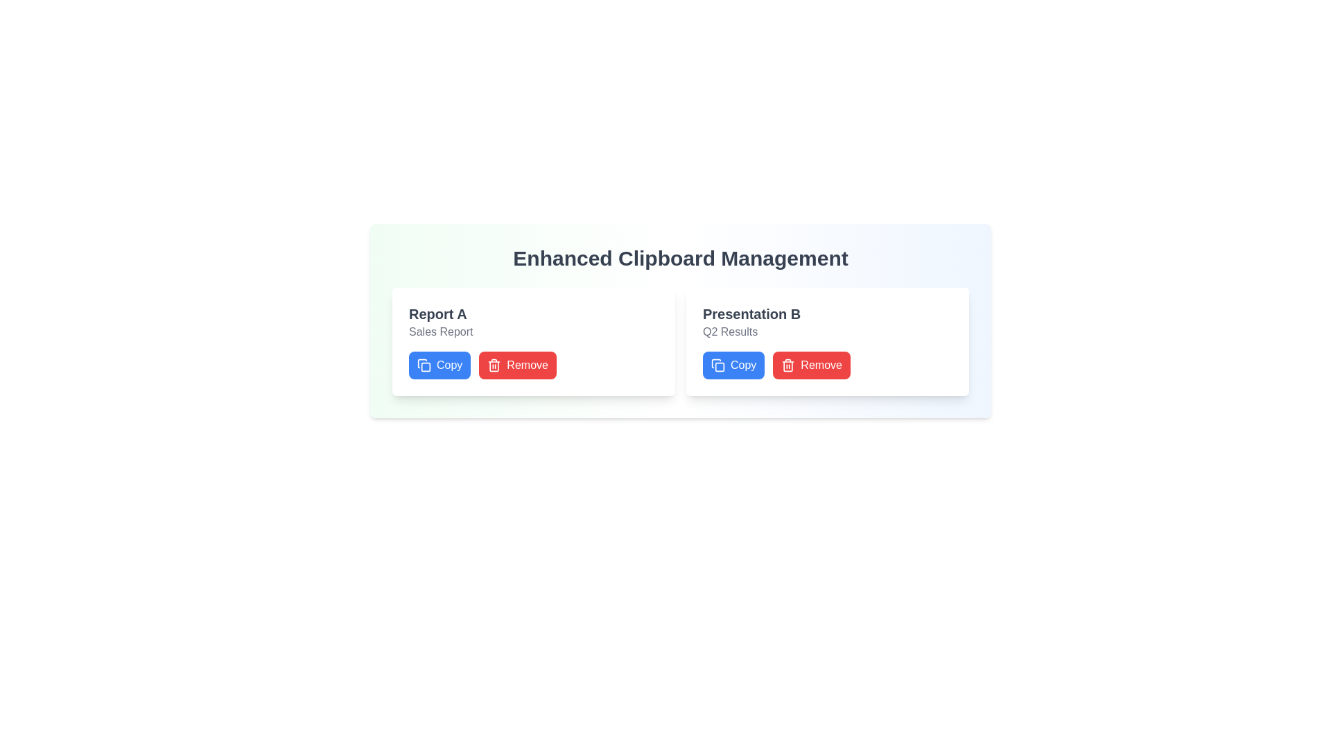  Describe the element at coordinates (812, 365) in the screenshot. I see `the red 'Remove' button with rounded corners, featuring bold white text and a trash can icon, located at the bottom-right corner of the 'Presentation B' card` at that location.